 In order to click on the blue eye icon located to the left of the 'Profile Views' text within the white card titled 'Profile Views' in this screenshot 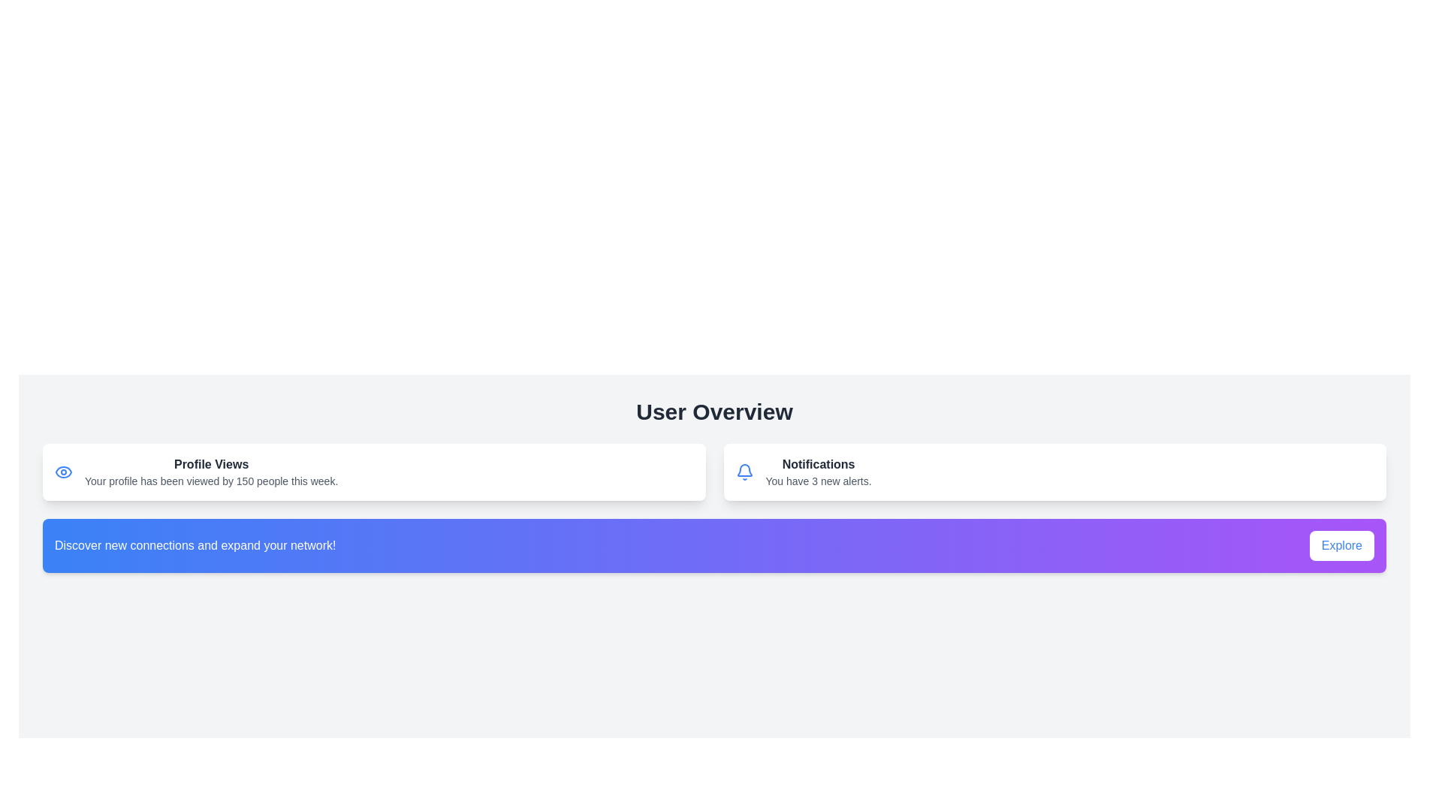, I will do `click(63, 471)`.